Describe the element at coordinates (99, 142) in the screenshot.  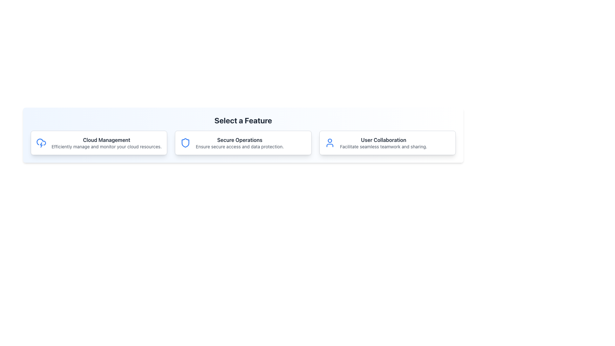
I see `the selectable card component for 'Cloud Management'` at that location.